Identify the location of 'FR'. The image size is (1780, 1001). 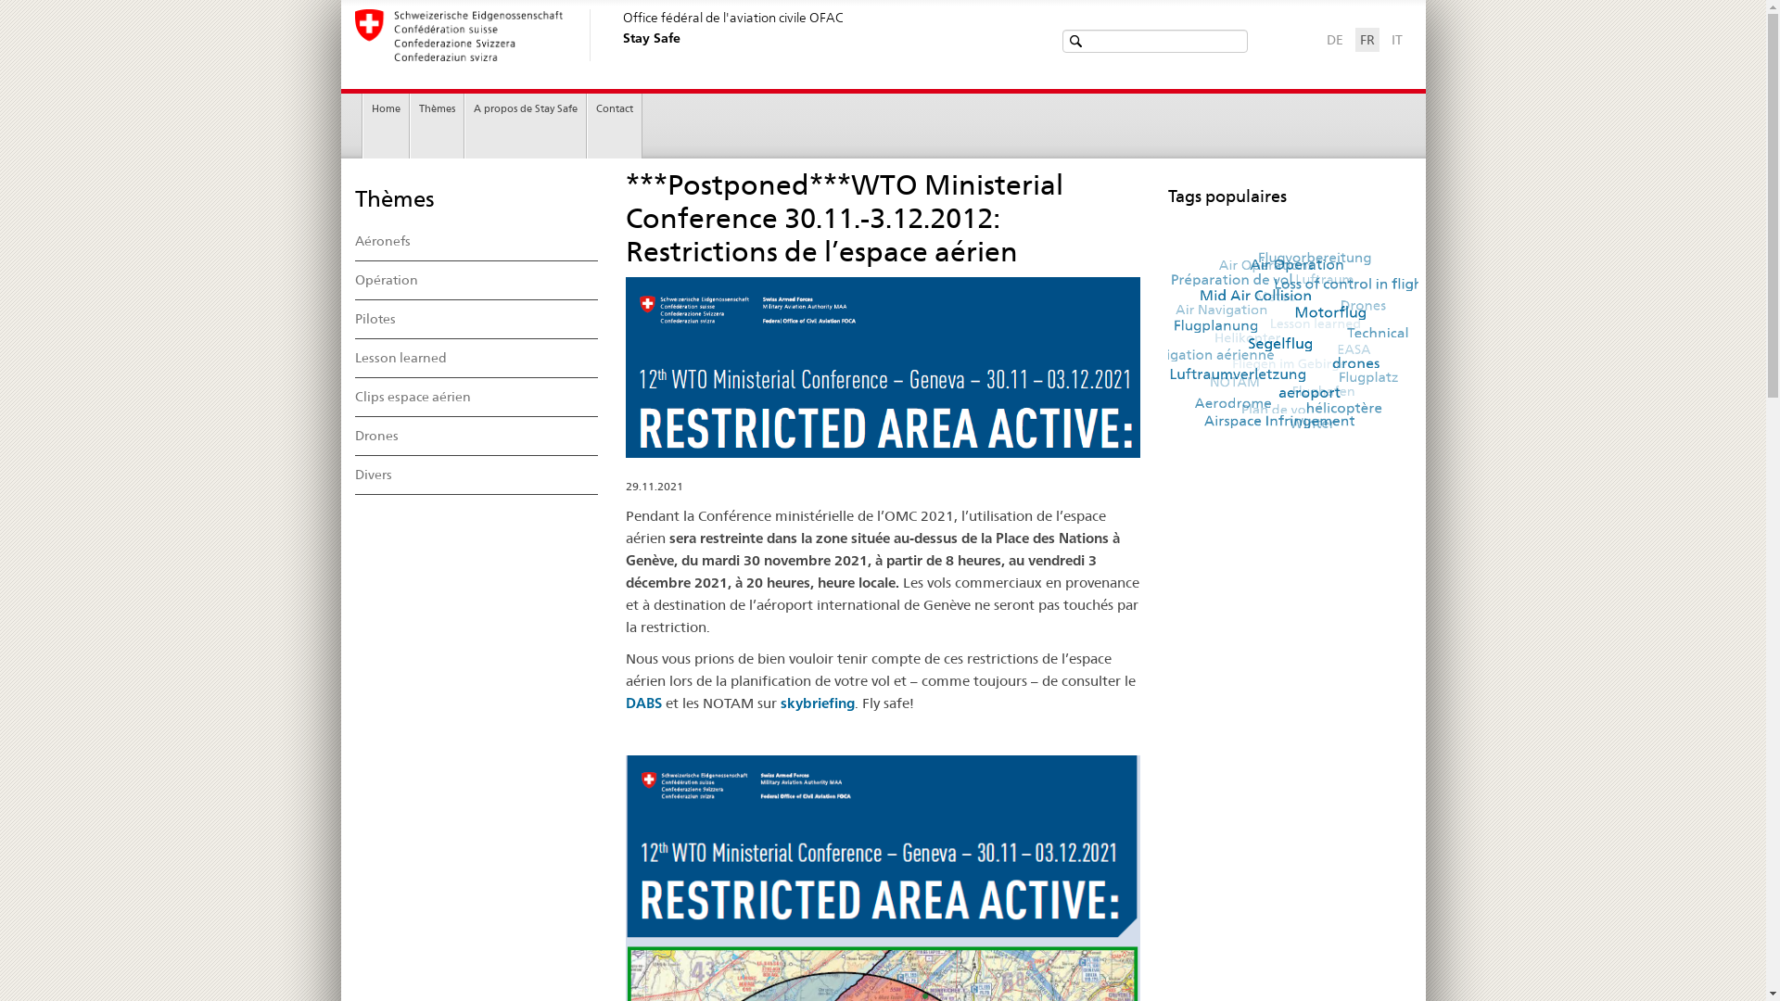
(1358, 39).